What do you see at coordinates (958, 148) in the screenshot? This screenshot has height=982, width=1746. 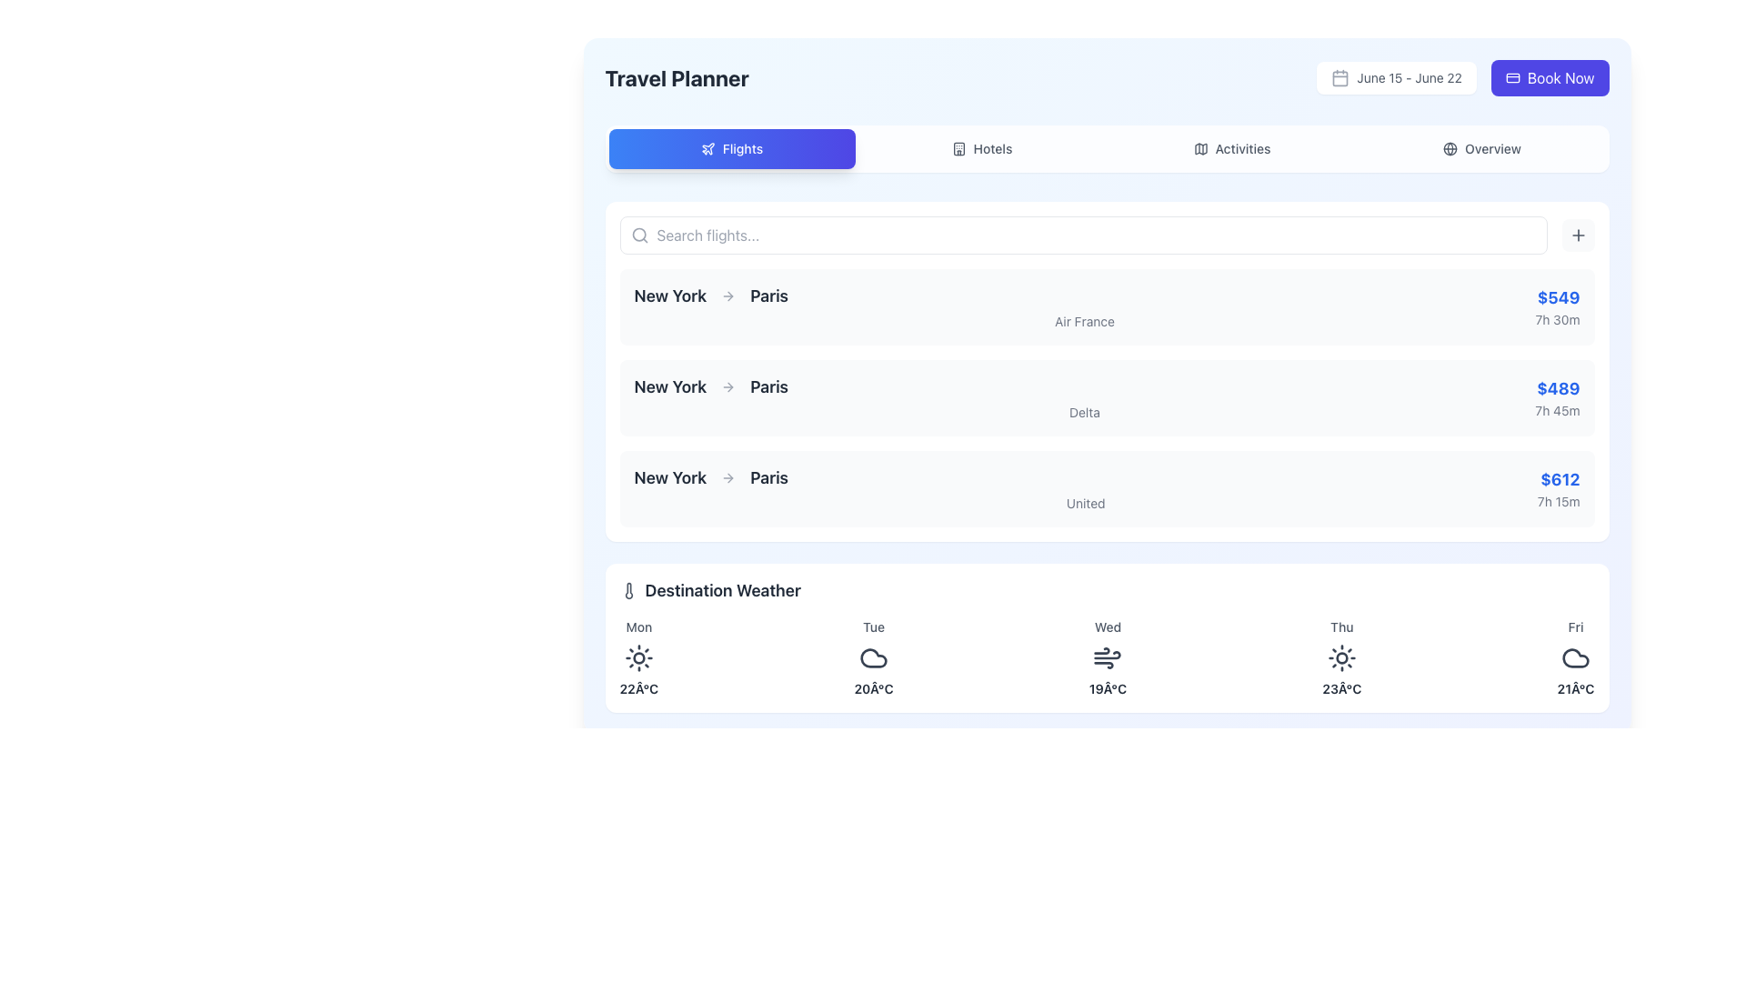 I see `the 'Hotels' button in the header navigation bar, which features a stylized building icon and a label 'Hotels'` at bounding box center [958, 148].